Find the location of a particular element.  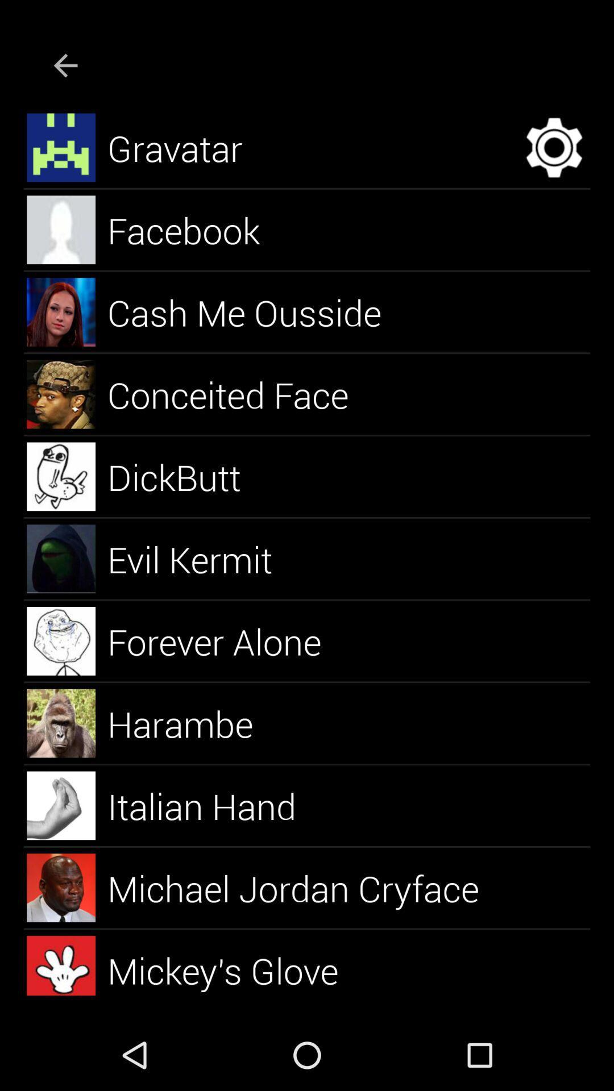

italian hand is located at coordinates (215, 805).